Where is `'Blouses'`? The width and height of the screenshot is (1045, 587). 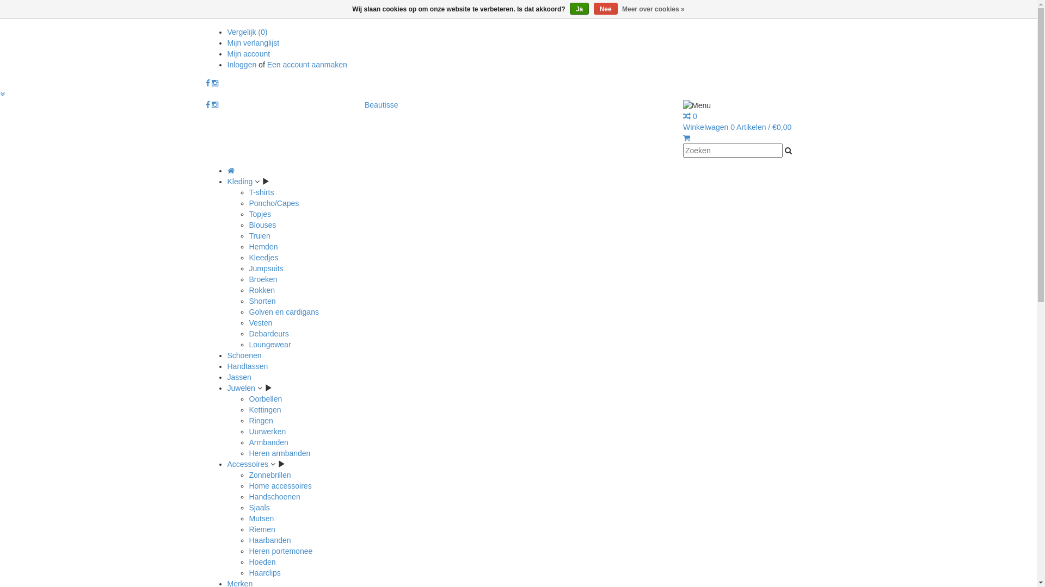
'Blouses' is located at coordinates (263, 224).